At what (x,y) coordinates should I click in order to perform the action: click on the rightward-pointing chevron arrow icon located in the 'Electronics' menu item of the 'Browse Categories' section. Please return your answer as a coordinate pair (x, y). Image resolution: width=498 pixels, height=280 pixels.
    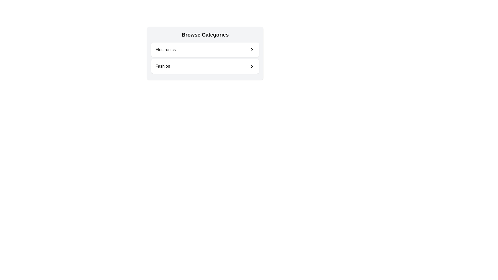
    Looking at the image, I should click on (252, 50).